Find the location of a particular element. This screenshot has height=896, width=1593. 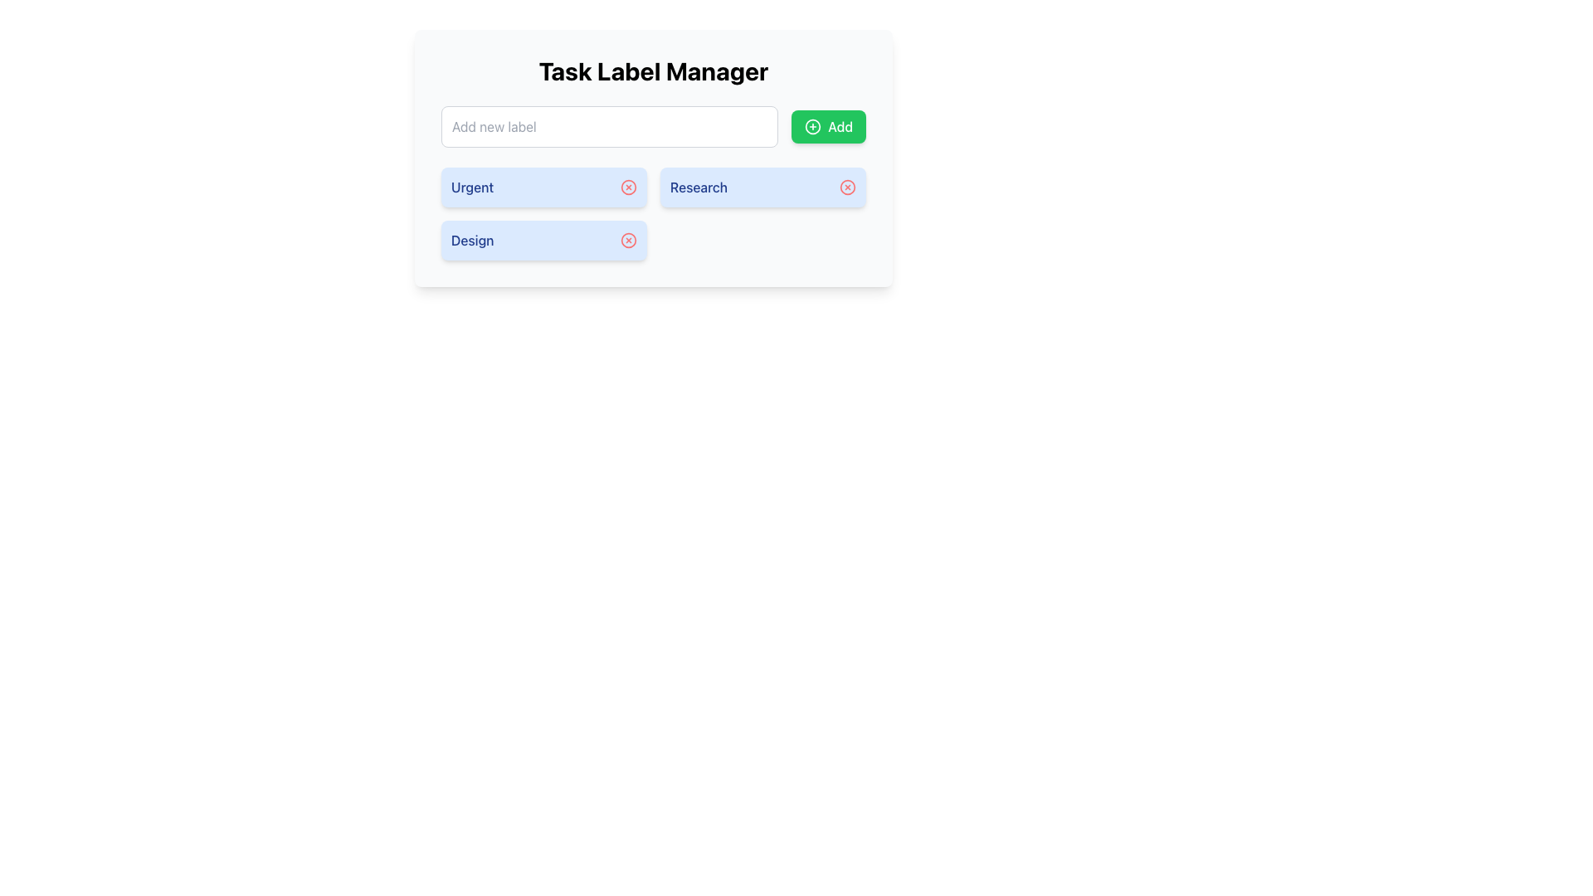

the 'Urgent' label chip with a dismiss button, which has a blue background and a red circular dismiss button with a white 'X' on the right is located at coordinates (544, 187).